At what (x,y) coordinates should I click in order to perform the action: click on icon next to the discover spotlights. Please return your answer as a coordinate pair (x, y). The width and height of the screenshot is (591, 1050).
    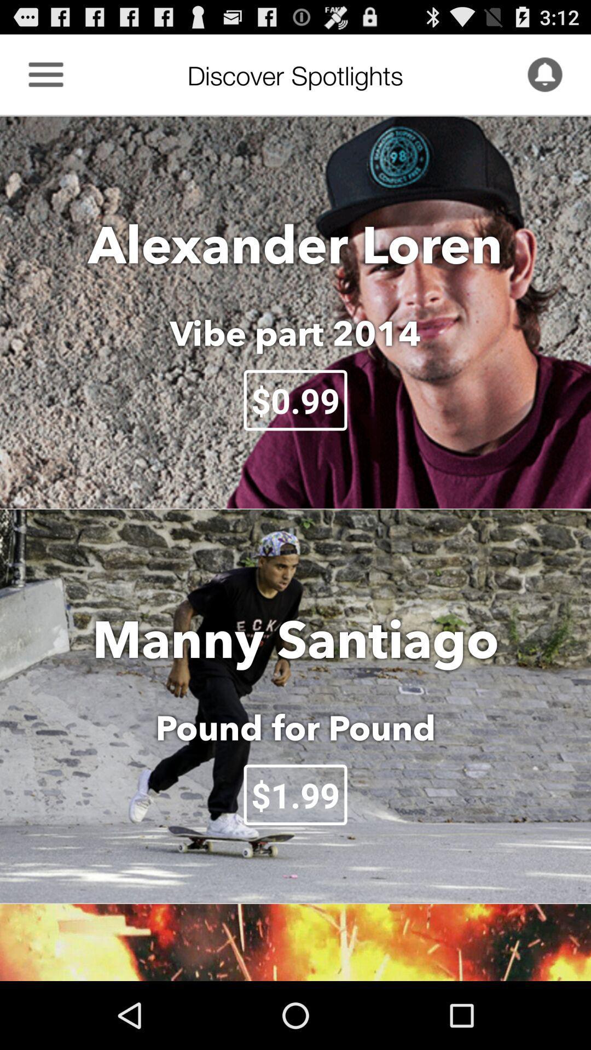
    Looking at the image, I should click on (544, 74).